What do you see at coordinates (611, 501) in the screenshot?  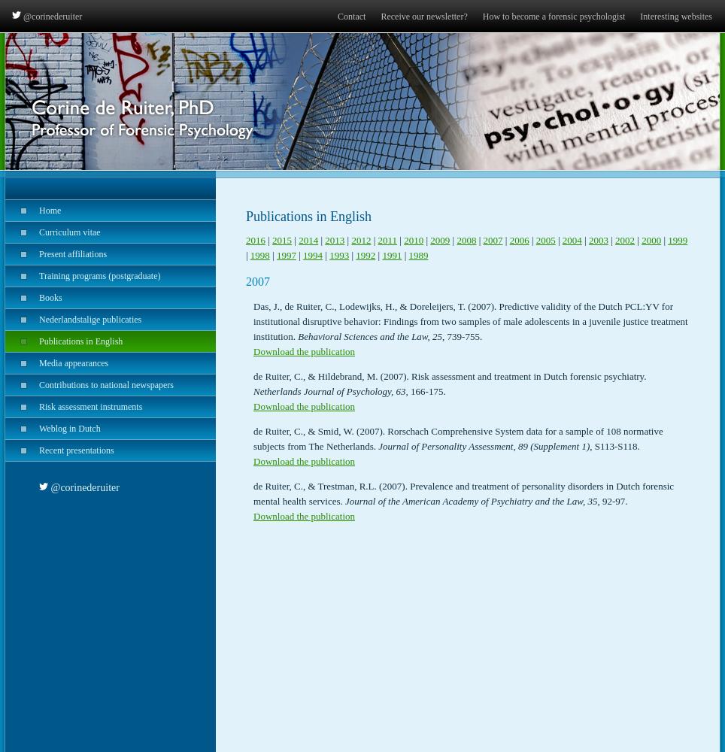 I see `', 92-97.'` at bounding box center [611, 501].